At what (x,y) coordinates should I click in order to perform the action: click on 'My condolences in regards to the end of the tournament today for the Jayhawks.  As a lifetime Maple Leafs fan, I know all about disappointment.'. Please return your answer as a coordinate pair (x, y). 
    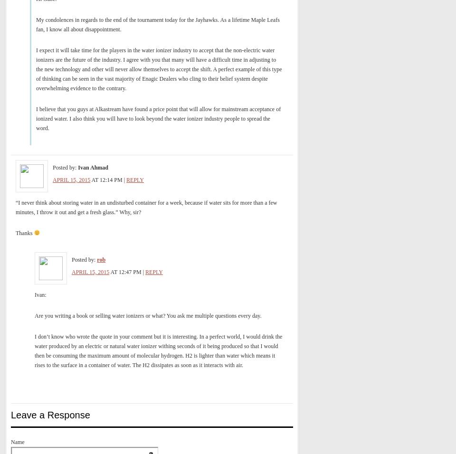
    Looking at the image, I should click on (36, 24).